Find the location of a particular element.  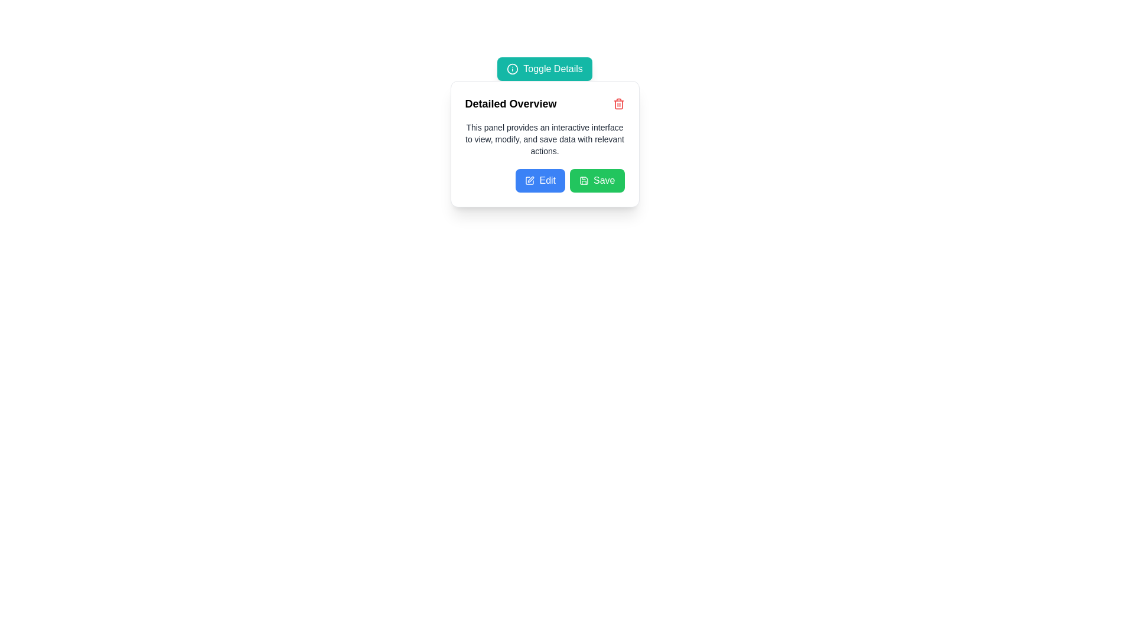

the circular info icon with a teal background and white outline, located on the left side of the 'Toggle Details' button is located at coordinates (513, 69).